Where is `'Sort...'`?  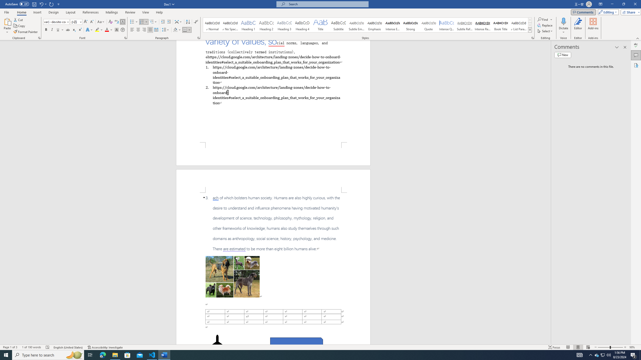 'Sort...' is located at coordinates (188, 22).